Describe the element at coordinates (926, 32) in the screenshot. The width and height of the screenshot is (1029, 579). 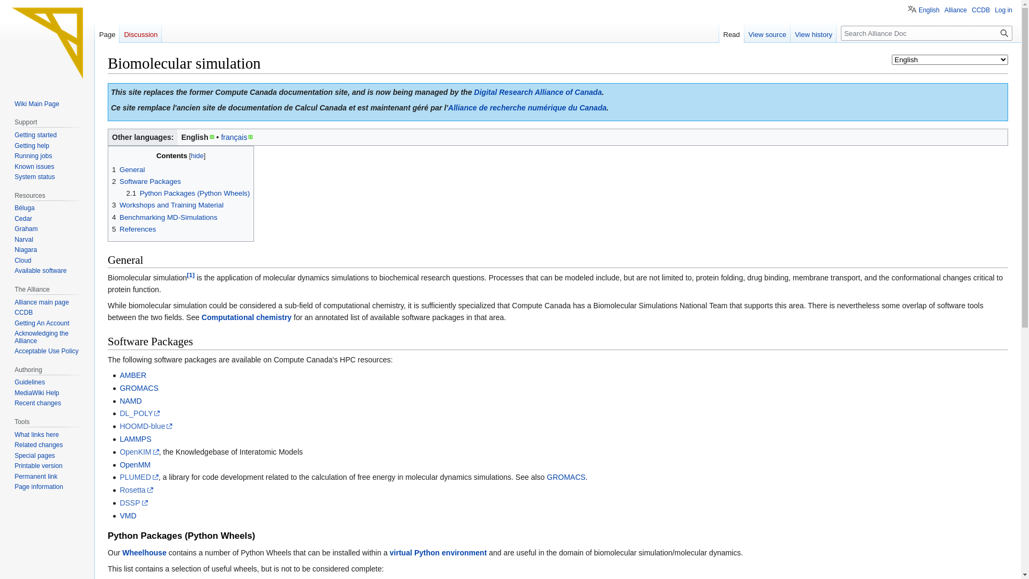
I see `'Search Alliance Doc [alt-shift-f]'` at that location.